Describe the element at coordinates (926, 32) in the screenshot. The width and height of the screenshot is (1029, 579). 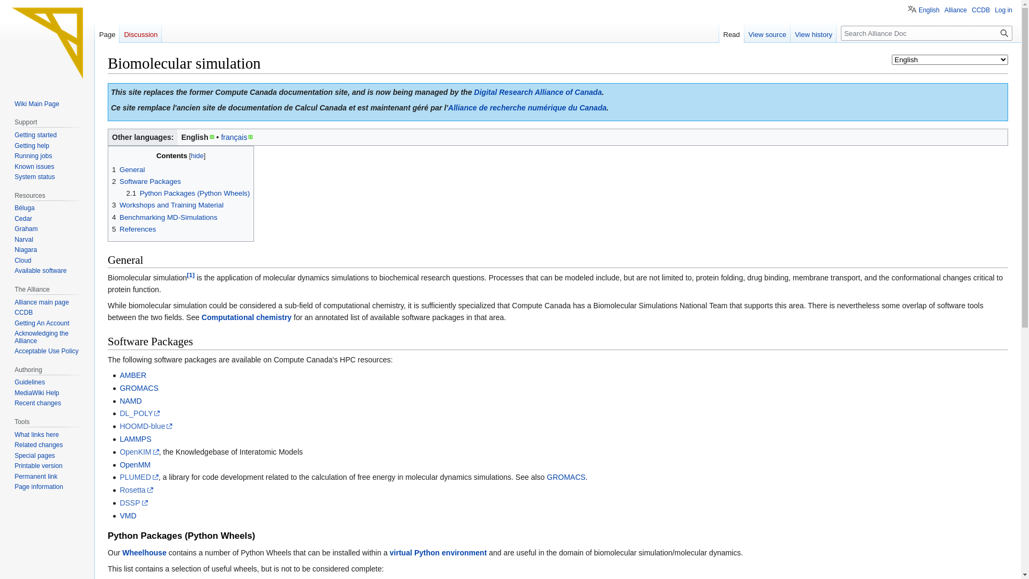
I see `'Search Alliance Doc [alt-shift-f]'` at that location.